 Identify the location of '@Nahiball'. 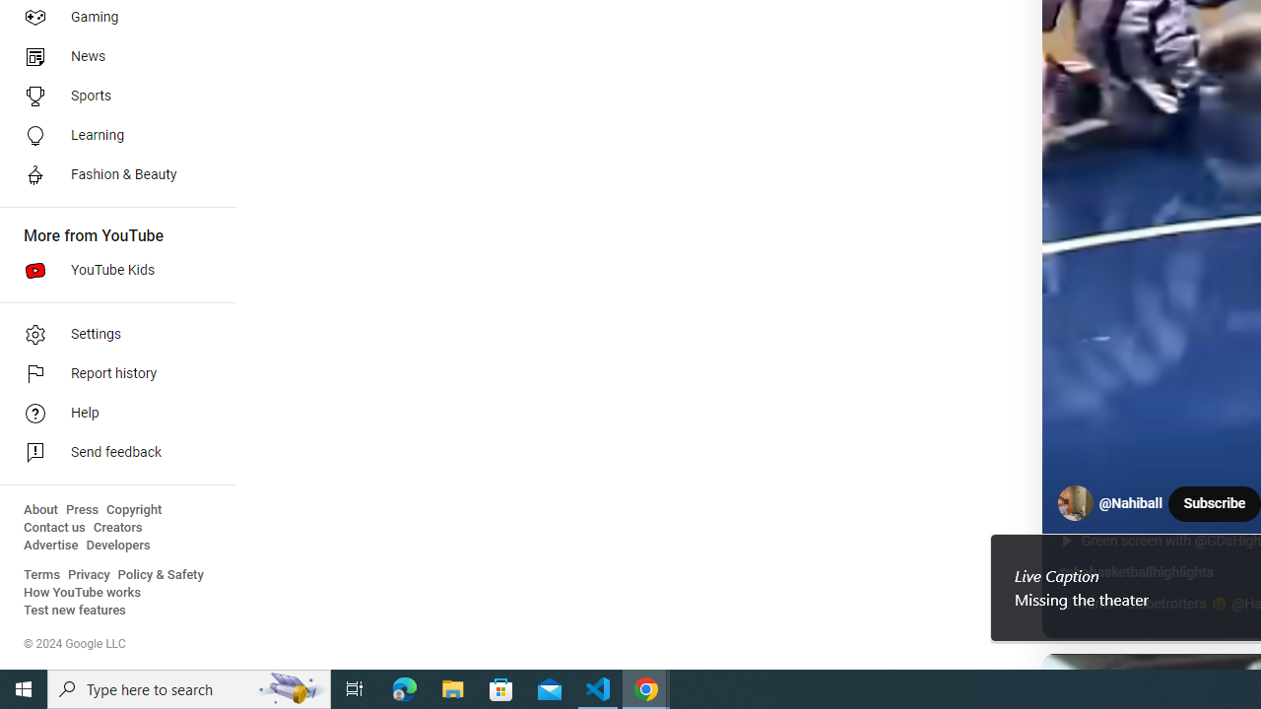
(1131, 502).